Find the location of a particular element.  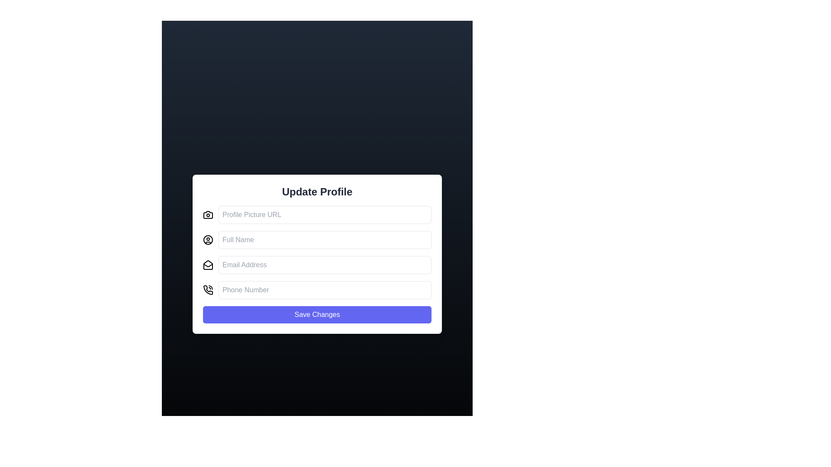

the outermost circular SVG element representing a user profile picture, which is positioned adjacent to the 'Full Name' input field is located at coordinates (208, 240).